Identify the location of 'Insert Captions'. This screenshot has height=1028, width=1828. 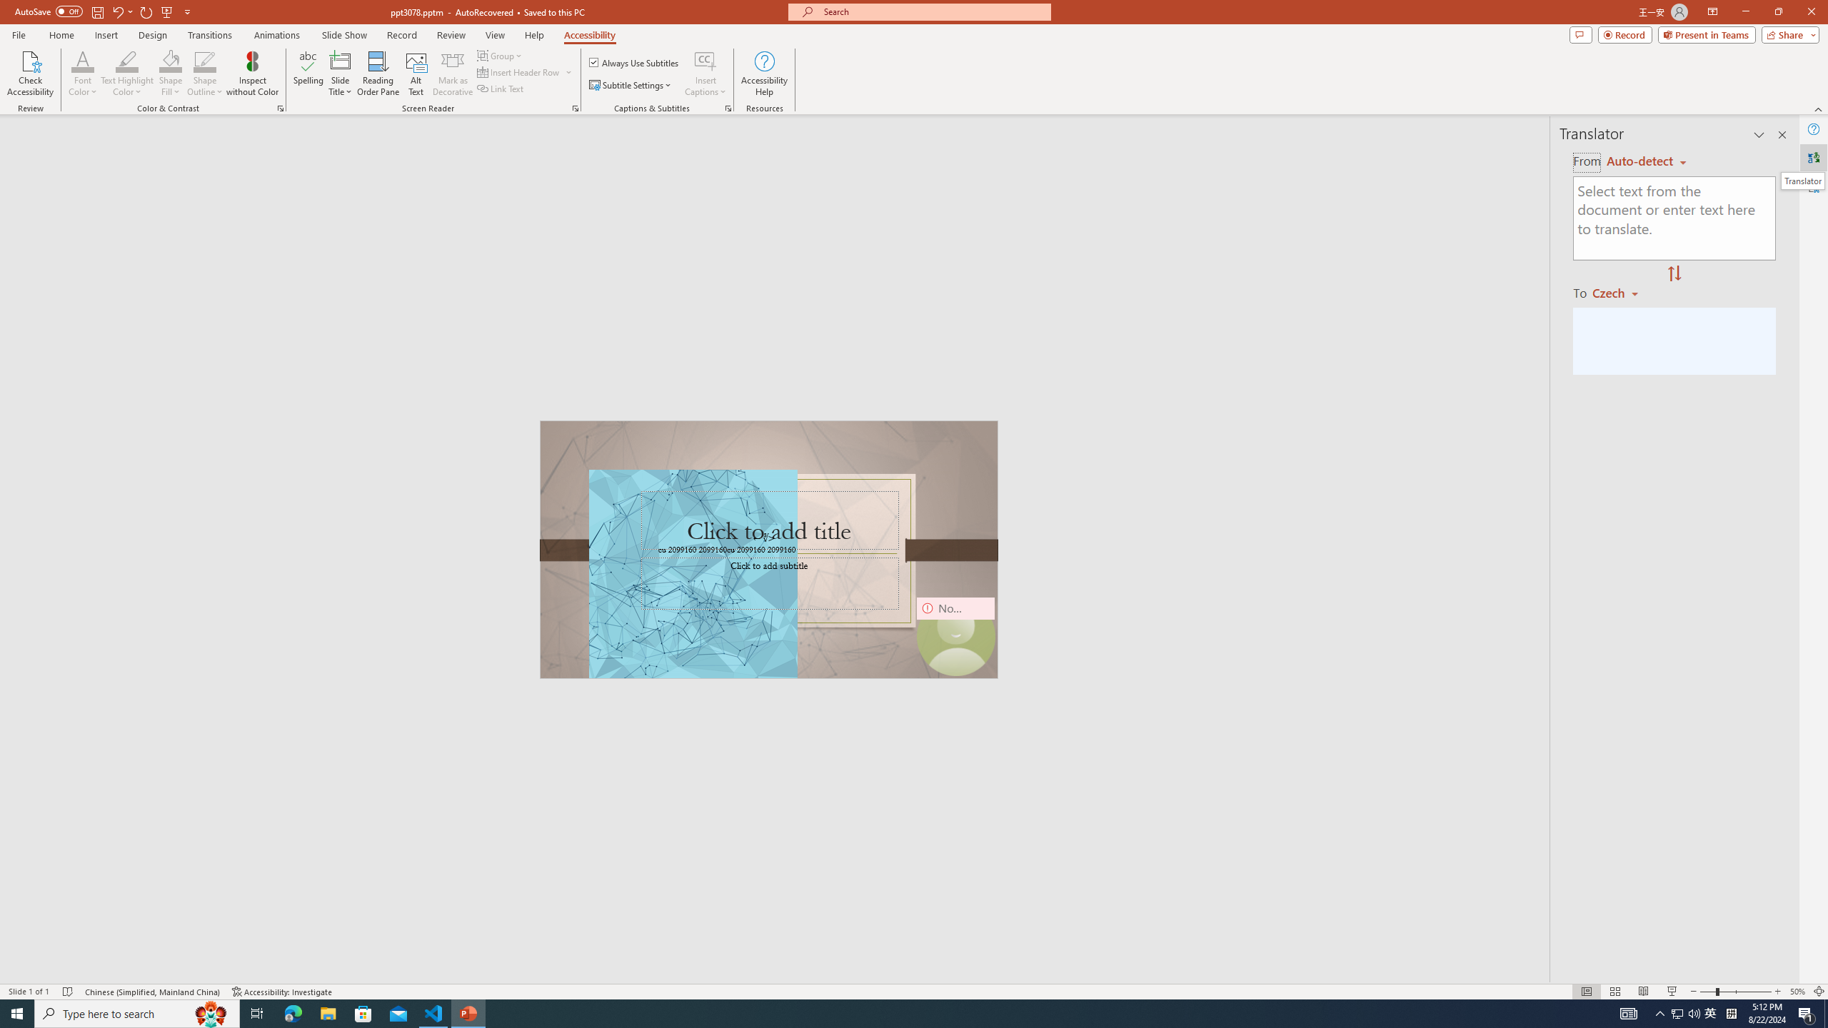
(705, 60).